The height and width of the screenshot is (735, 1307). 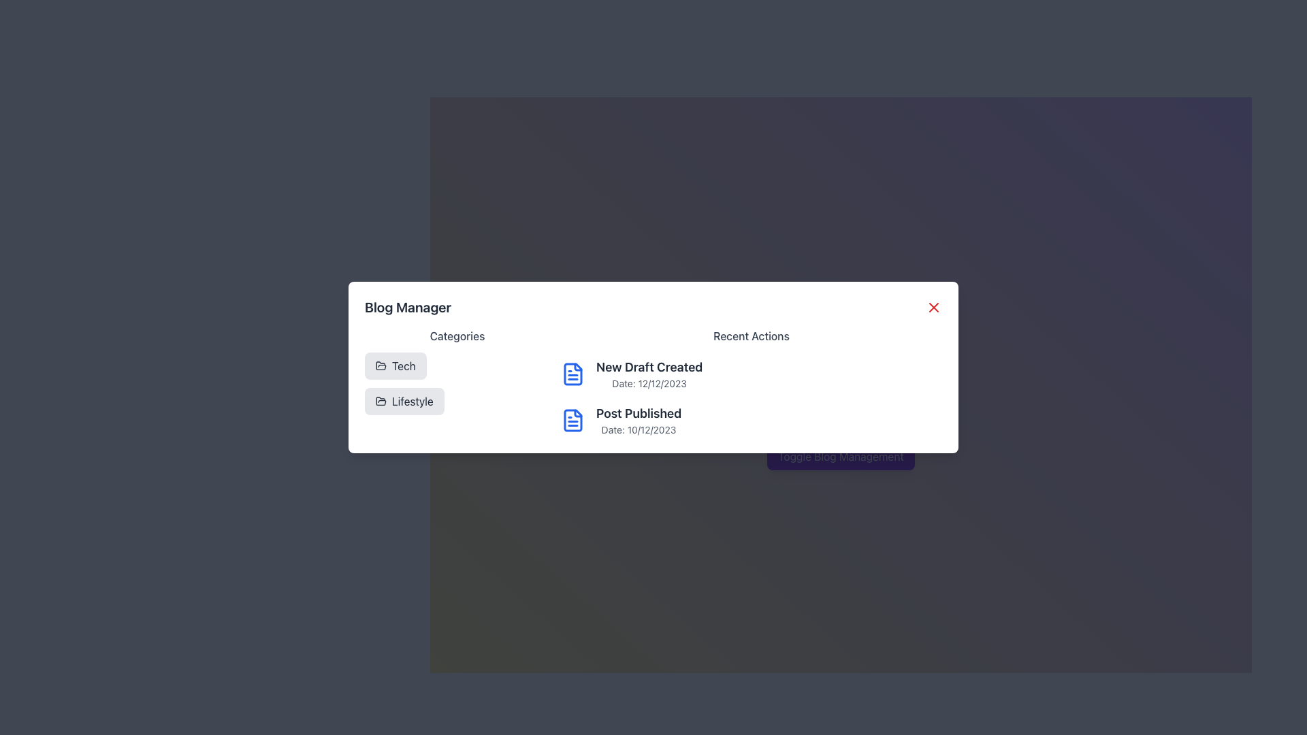 What do you see at coordinates (572, 419) in the screenshot?
I see `the blue document icon in the 'Recent Actions' section of the 'Blog Manager' interface, which represents the 'Post Published' entry` at bounding box center [572, 419].